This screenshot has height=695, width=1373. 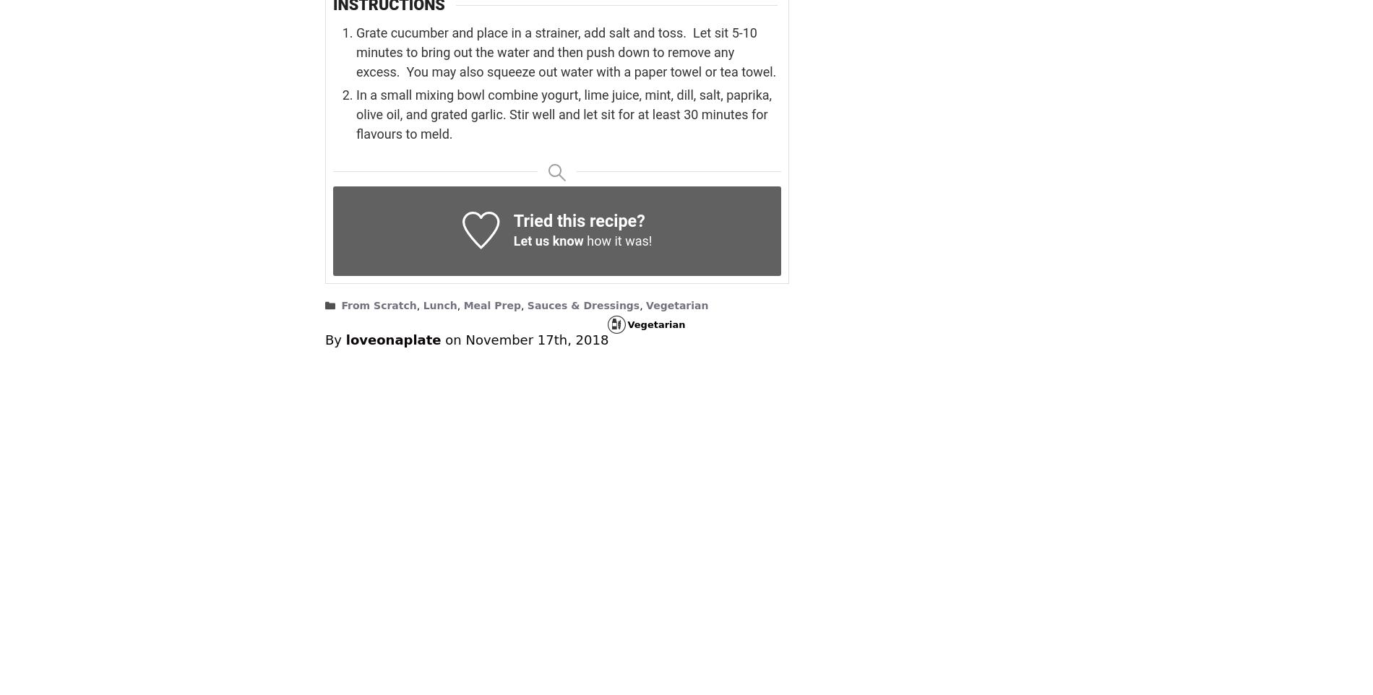 What do you see at coordinates (578, 219) in the screenshot?
I see `'Tried this recipe?'` at bounding box center [578, 219].